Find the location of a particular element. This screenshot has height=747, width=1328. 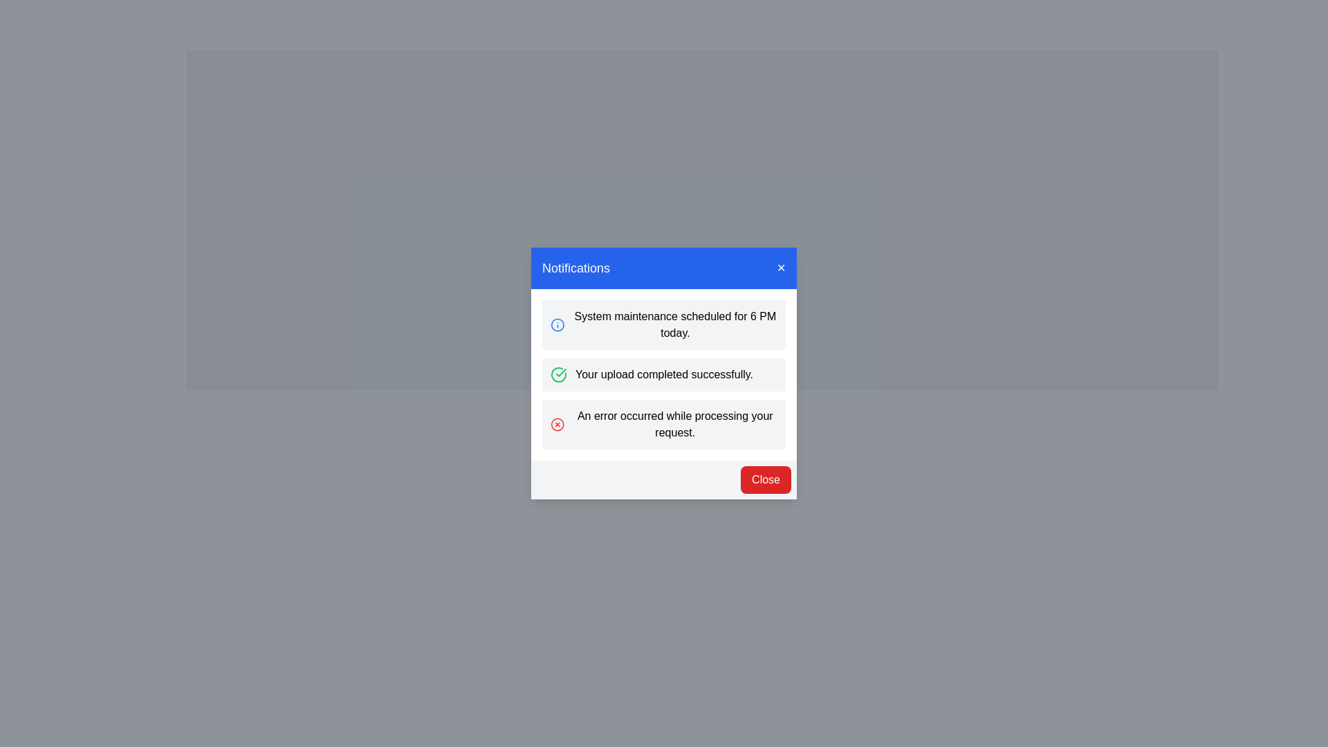

the 'View Notifications' button to open the notification dialog is located at coordinates (703, 423).